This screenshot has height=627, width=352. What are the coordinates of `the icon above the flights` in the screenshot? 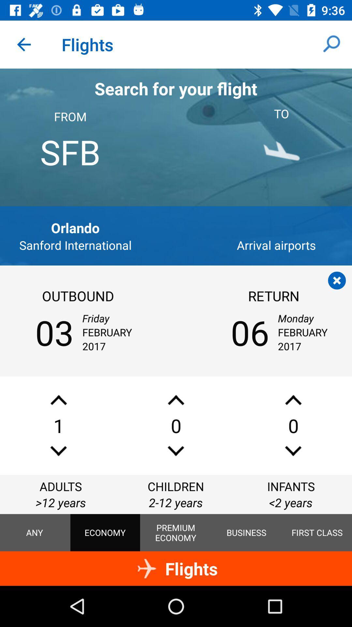 It's located at (246, 533).